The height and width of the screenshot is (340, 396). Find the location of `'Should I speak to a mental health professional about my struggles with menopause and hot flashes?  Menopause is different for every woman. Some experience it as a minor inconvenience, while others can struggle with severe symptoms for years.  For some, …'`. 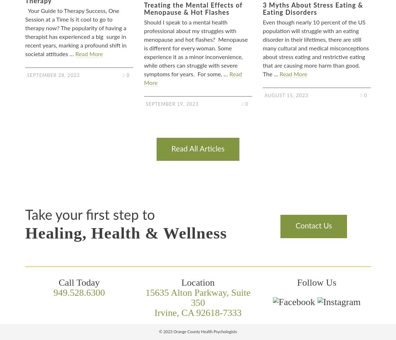

'Should I speak to a mental health professional about my struggles with menopause and hot flashes?  Menopause is different for every woman. Some experience it as a minor inconvenience, while others can struggle with severe symptoms for years.  For some, …' is located at coordinates (195, 48).